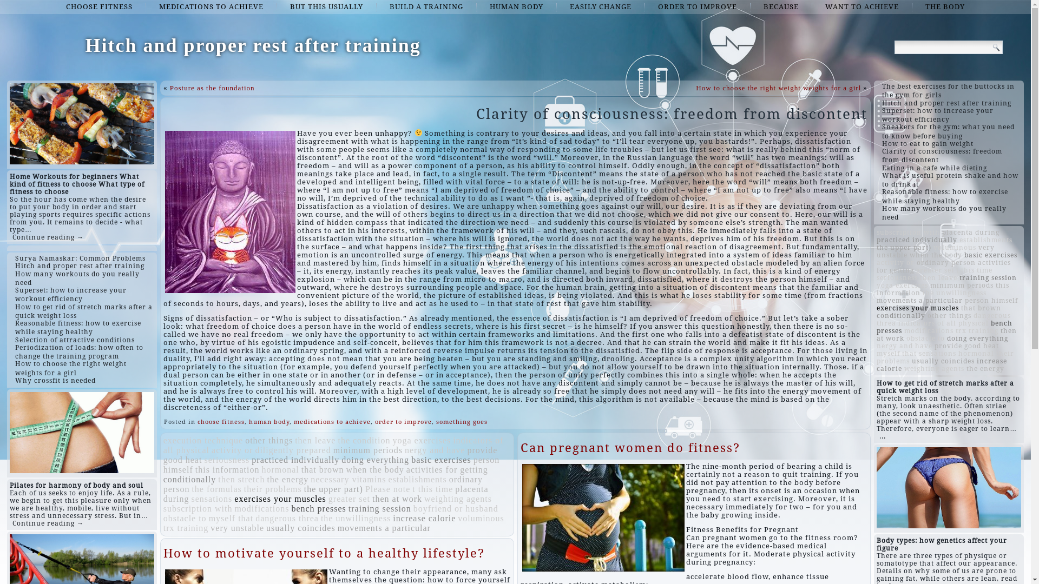 This screenshot has width=1039, height=584. What do you see at coordinates (280, 469) in the screenshot?
I see `'hormonal'` at bounding box center [280, 469].